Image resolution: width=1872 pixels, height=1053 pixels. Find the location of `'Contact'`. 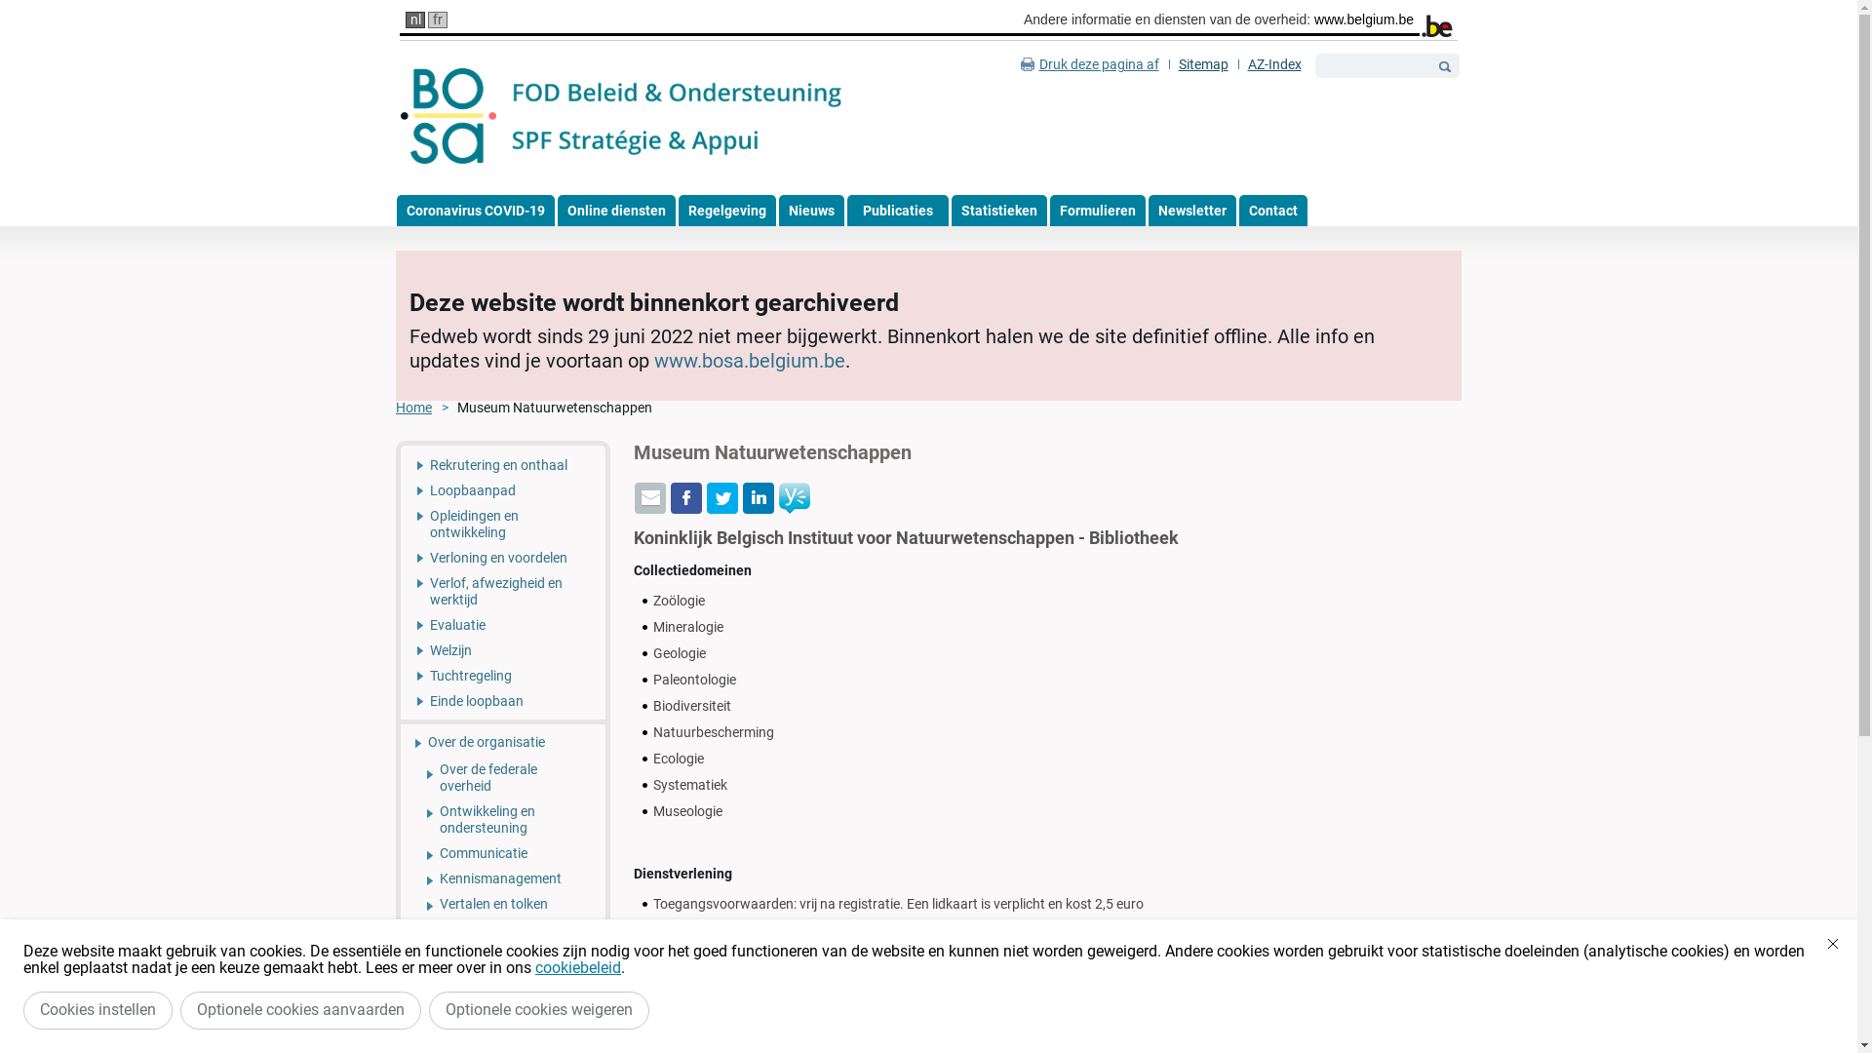

'Contact' is located at coordinates (1272, 211).